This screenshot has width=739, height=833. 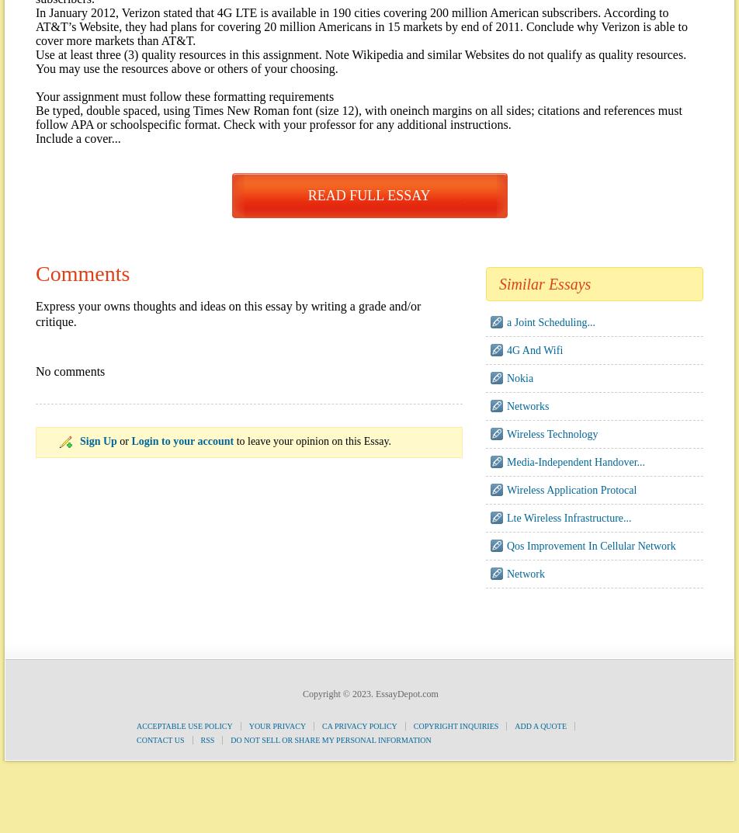 What do you see at coordinates (160, 740) in the screenshot?
I see `'Contact Us'` at bounding box center [160, 740].